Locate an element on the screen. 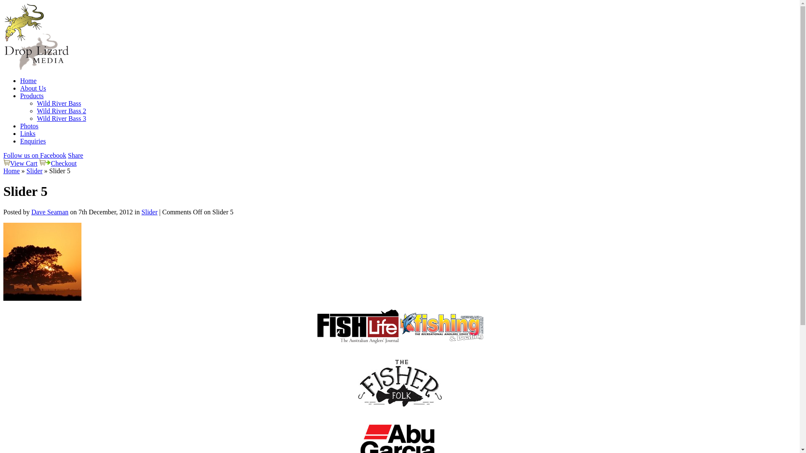 The width and height of the screenshot is (806, 453). 'Home' is located at coordinates (28, 81).